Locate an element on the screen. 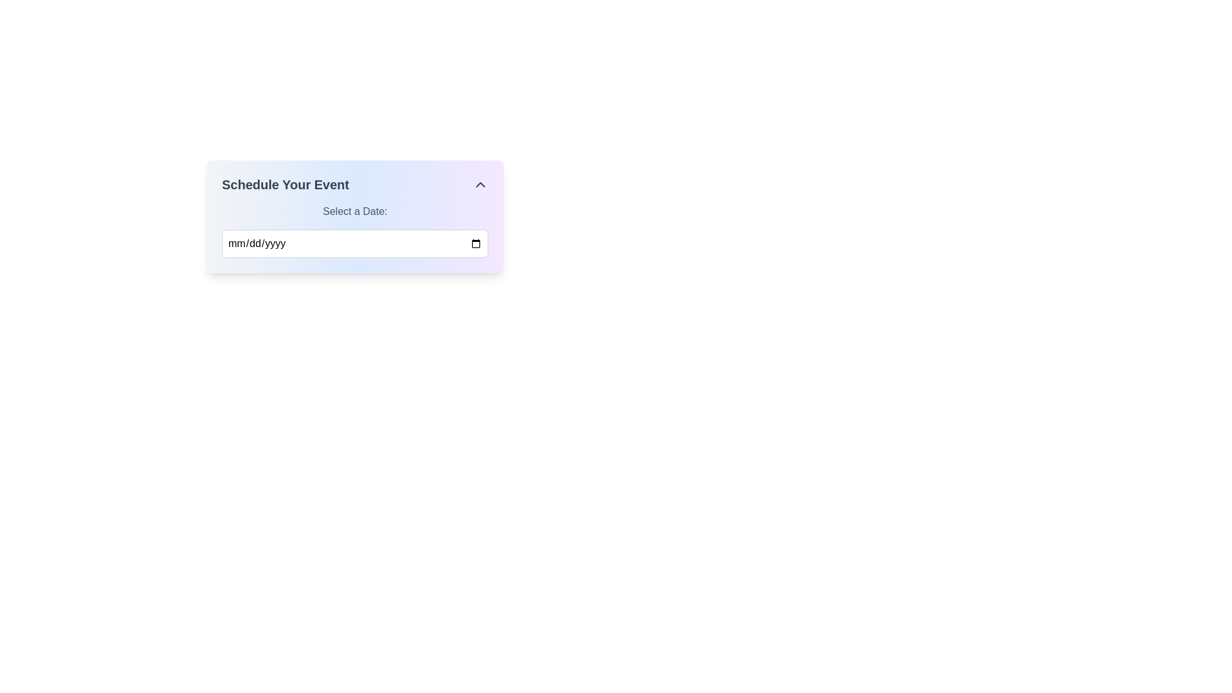 The height and width of the screenshot is (693, 1232). a date from the calendar dropdown by clicking on the date input field that has the placeholder text 'mm/dd/yyyy' and a calendar icon on its right side is located at coordinates (355, 244).